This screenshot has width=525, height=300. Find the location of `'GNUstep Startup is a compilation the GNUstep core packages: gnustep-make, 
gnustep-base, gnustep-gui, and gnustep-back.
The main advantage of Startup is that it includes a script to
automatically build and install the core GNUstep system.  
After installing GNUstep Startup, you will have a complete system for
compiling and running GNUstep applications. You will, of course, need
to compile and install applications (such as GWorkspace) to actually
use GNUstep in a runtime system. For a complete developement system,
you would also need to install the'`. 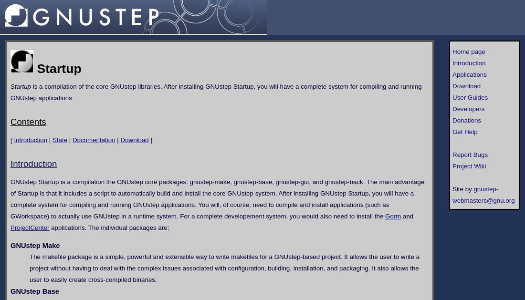

'GNUstep Startup is a compilation the GNUstep core packages: gnustep-make, 
gnustep-base, gnustep-gui, and gnustep-back.
The main advantage of Startup is that it includes a script to
automatically build and install the core GNUstep system.  
After installing GNUstep Startup, you will have a complete system for
compiling and running GNUstep applications. You will, of course, need
to compile and install applications (such as GWorkspace) to actually
use GNUstep in a runtime system. For a complete developement system,
you would also need to install the' is located at coordinates (10, 198).